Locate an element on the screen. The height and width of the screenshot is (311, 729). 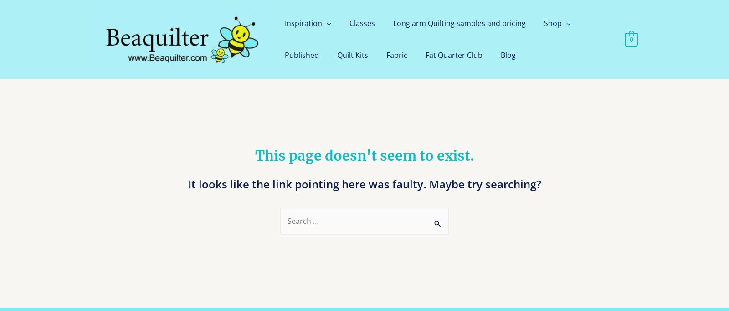
'0' is located at coordinates (630, 39).